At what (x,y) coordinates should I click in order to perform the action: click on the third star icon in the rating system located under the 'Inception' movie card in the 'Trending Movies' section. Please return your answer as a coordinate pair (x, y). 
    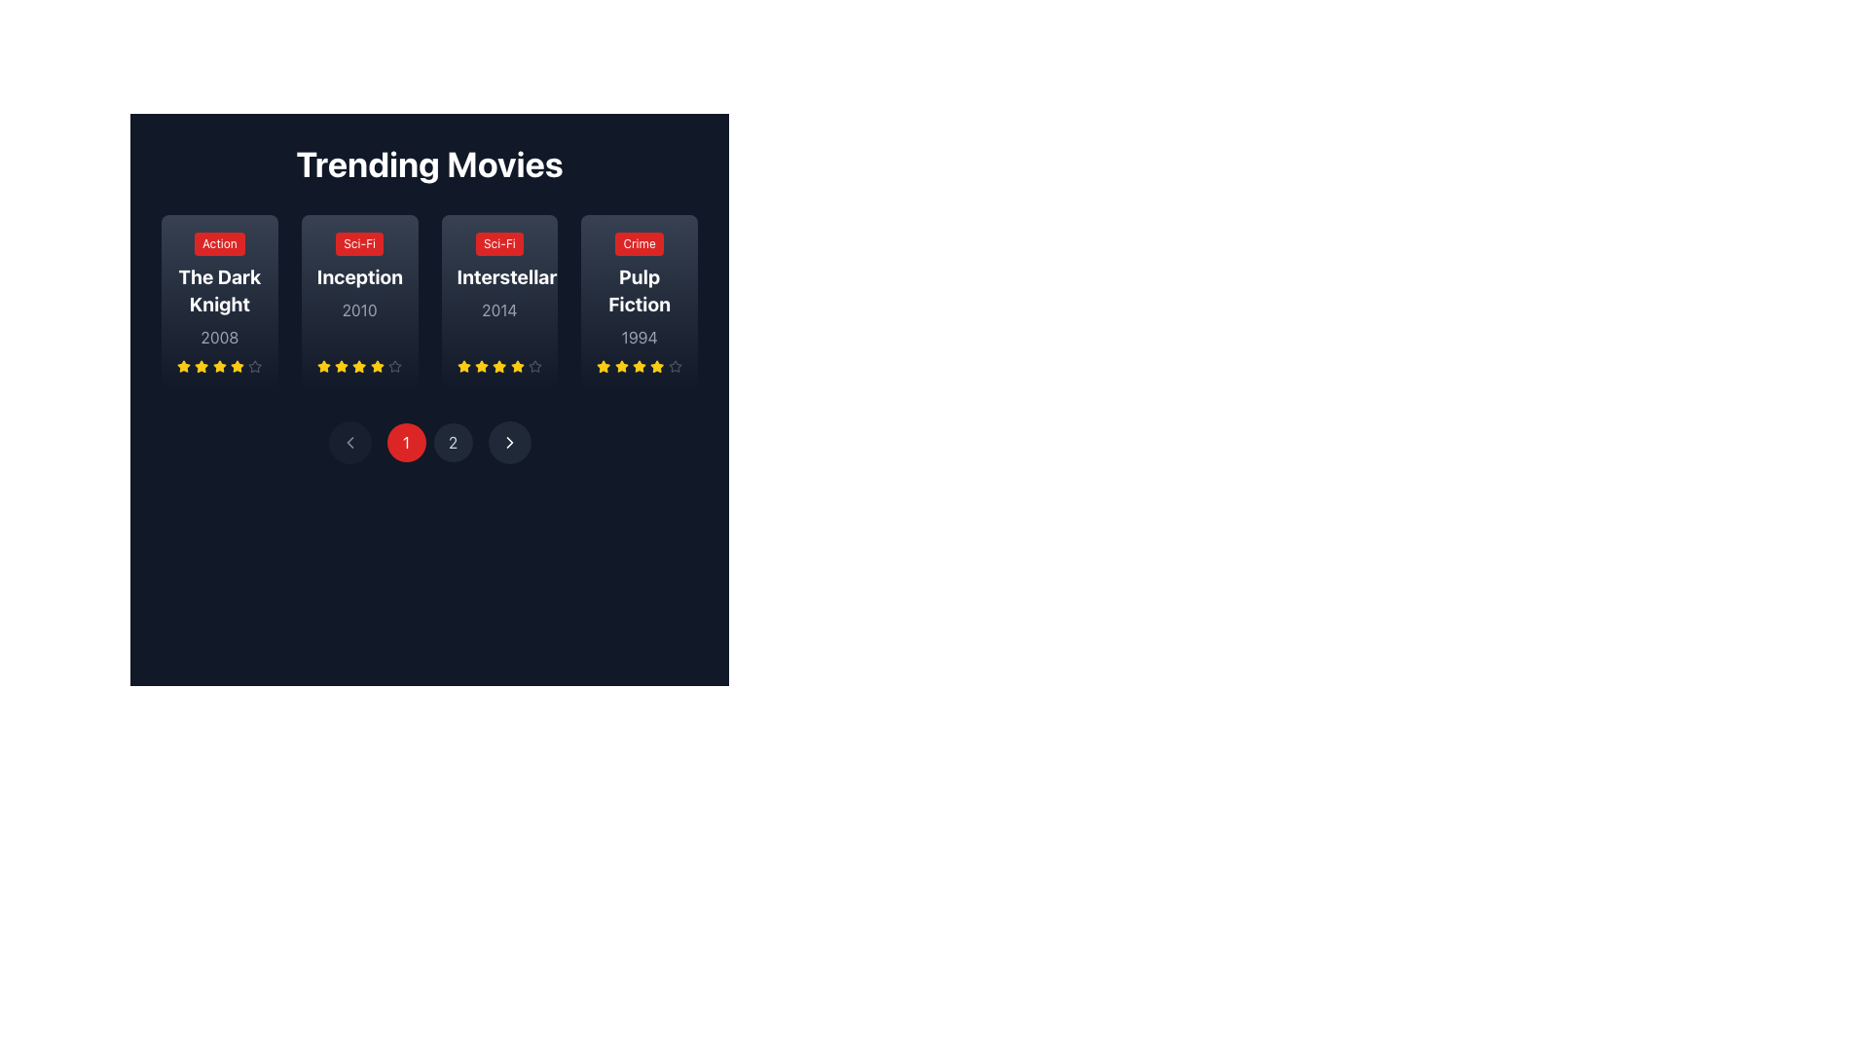
    Looking at the image, I should click on (323, 366).